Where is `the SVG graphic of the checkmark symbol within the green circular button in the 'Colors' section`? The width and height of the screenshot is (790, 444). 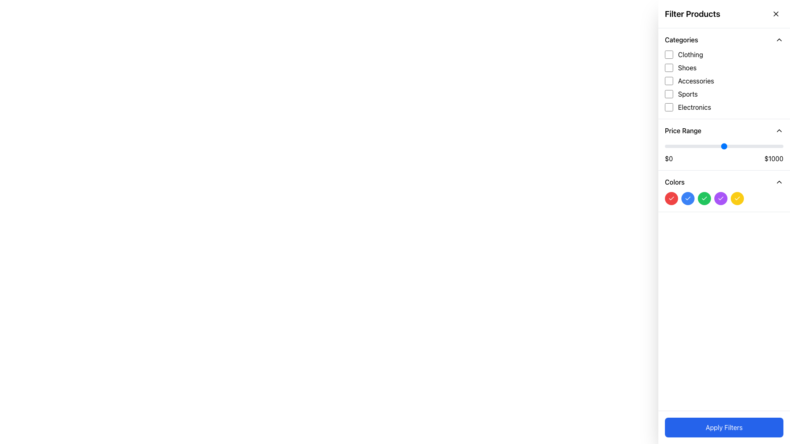 the SVG graphic of the checkmark symbol within the green circular button in the 'Colors' section is located at coordinates (704, 198).